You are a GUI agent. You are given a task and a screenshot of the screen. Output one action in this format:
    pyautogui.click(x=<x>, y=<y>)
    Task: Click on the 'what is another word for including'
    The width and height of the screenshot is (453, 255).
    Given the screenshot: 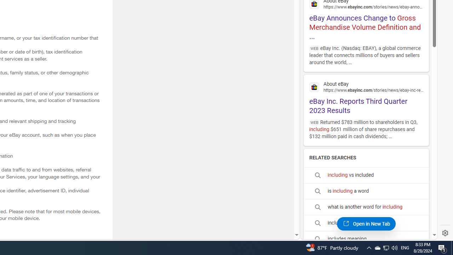 What is the action you would take?
    pyautogui.click(x=366, y=207)
    